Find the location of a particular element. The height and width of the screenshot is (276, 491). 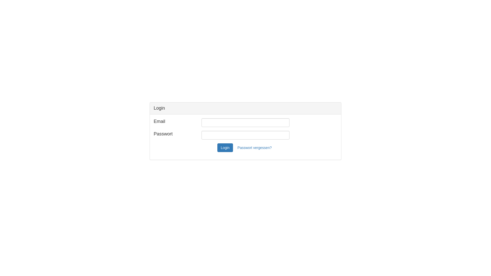

'Passwort vergessen?' is located at coordinates (255, 148).